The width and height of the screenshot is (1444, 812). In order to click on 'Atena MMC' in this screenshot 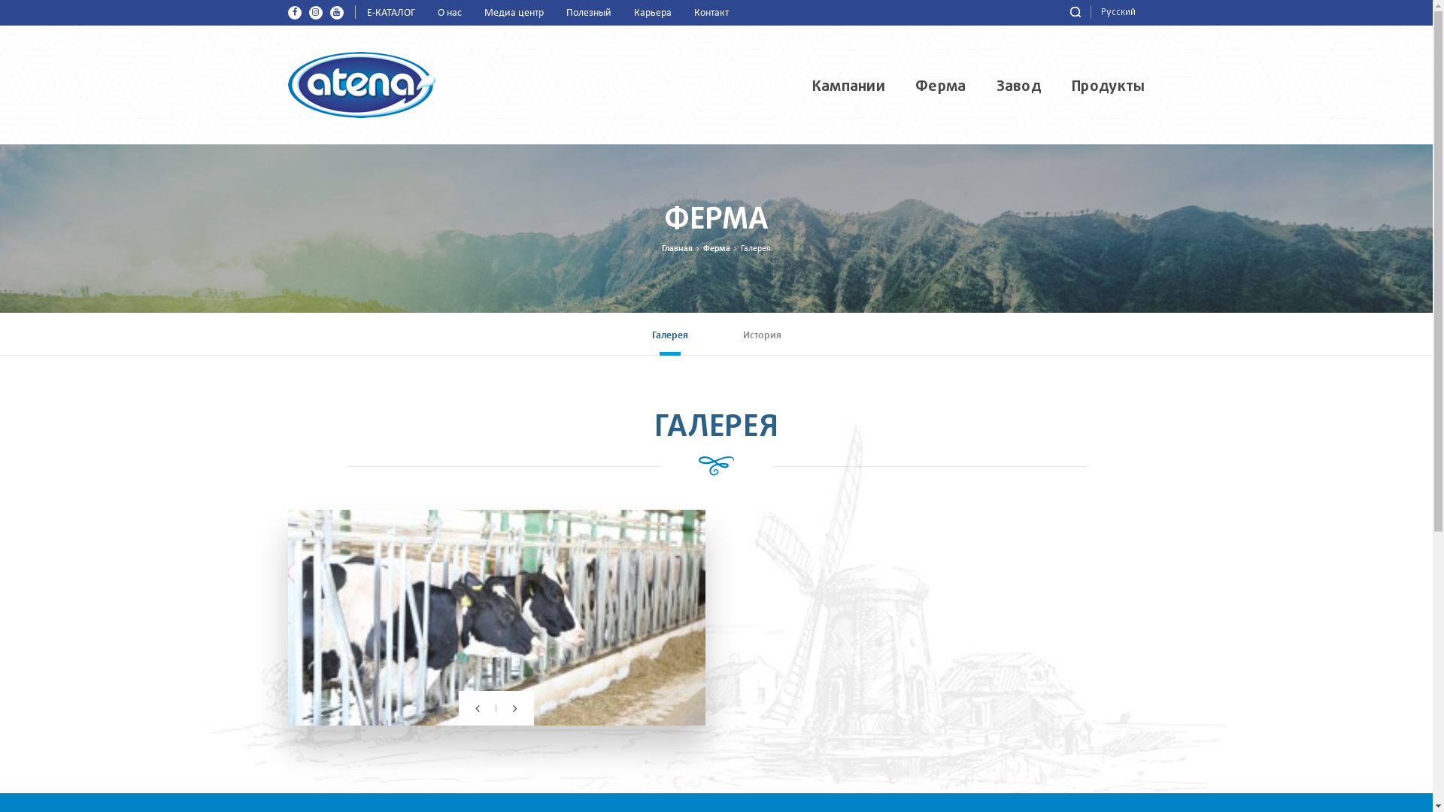, I will do `click(361, 83)`.